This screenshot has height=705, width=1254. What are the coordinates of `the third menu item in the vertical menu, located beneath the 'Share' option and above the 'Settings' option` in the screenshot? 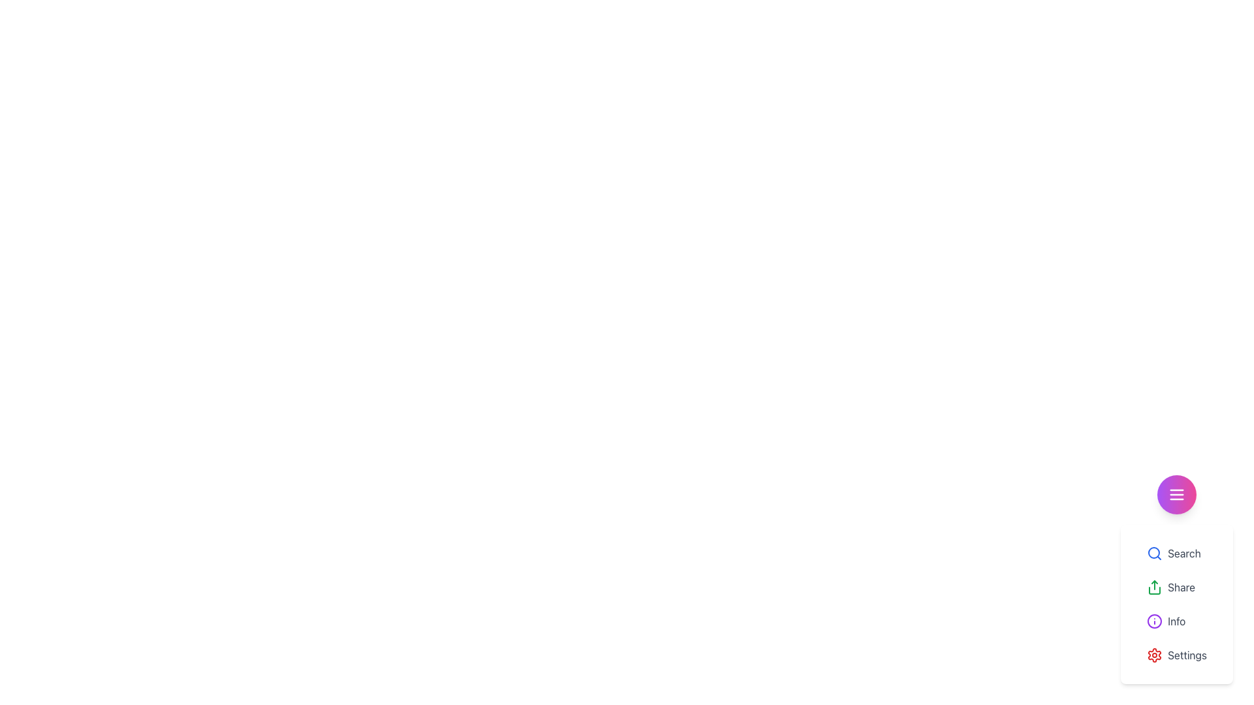 It's located at (1177, 621).